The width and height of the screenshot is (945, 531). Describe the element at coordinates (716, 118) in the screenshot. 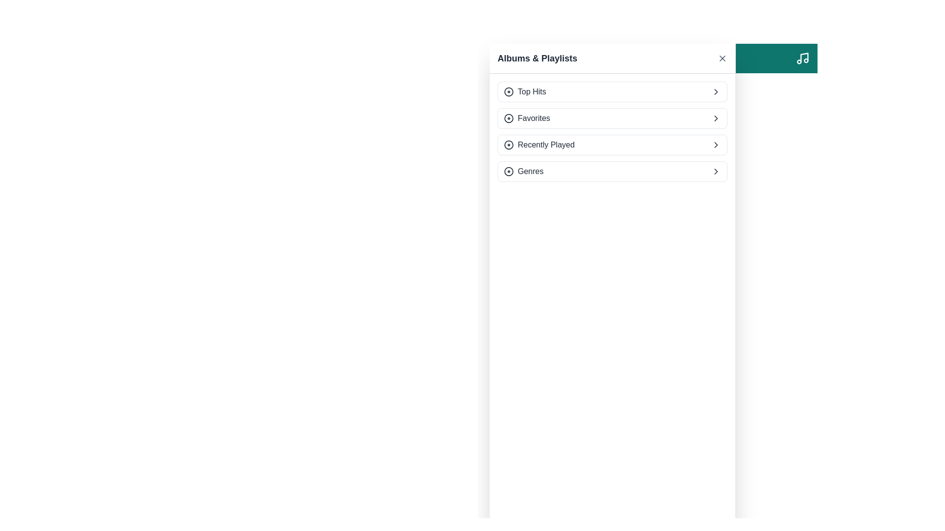

I see `the chevron icon indicating navigation to the detailed view or submenu related to the 'Favorites' category in the 'Albums & Playlists' section` at that location.